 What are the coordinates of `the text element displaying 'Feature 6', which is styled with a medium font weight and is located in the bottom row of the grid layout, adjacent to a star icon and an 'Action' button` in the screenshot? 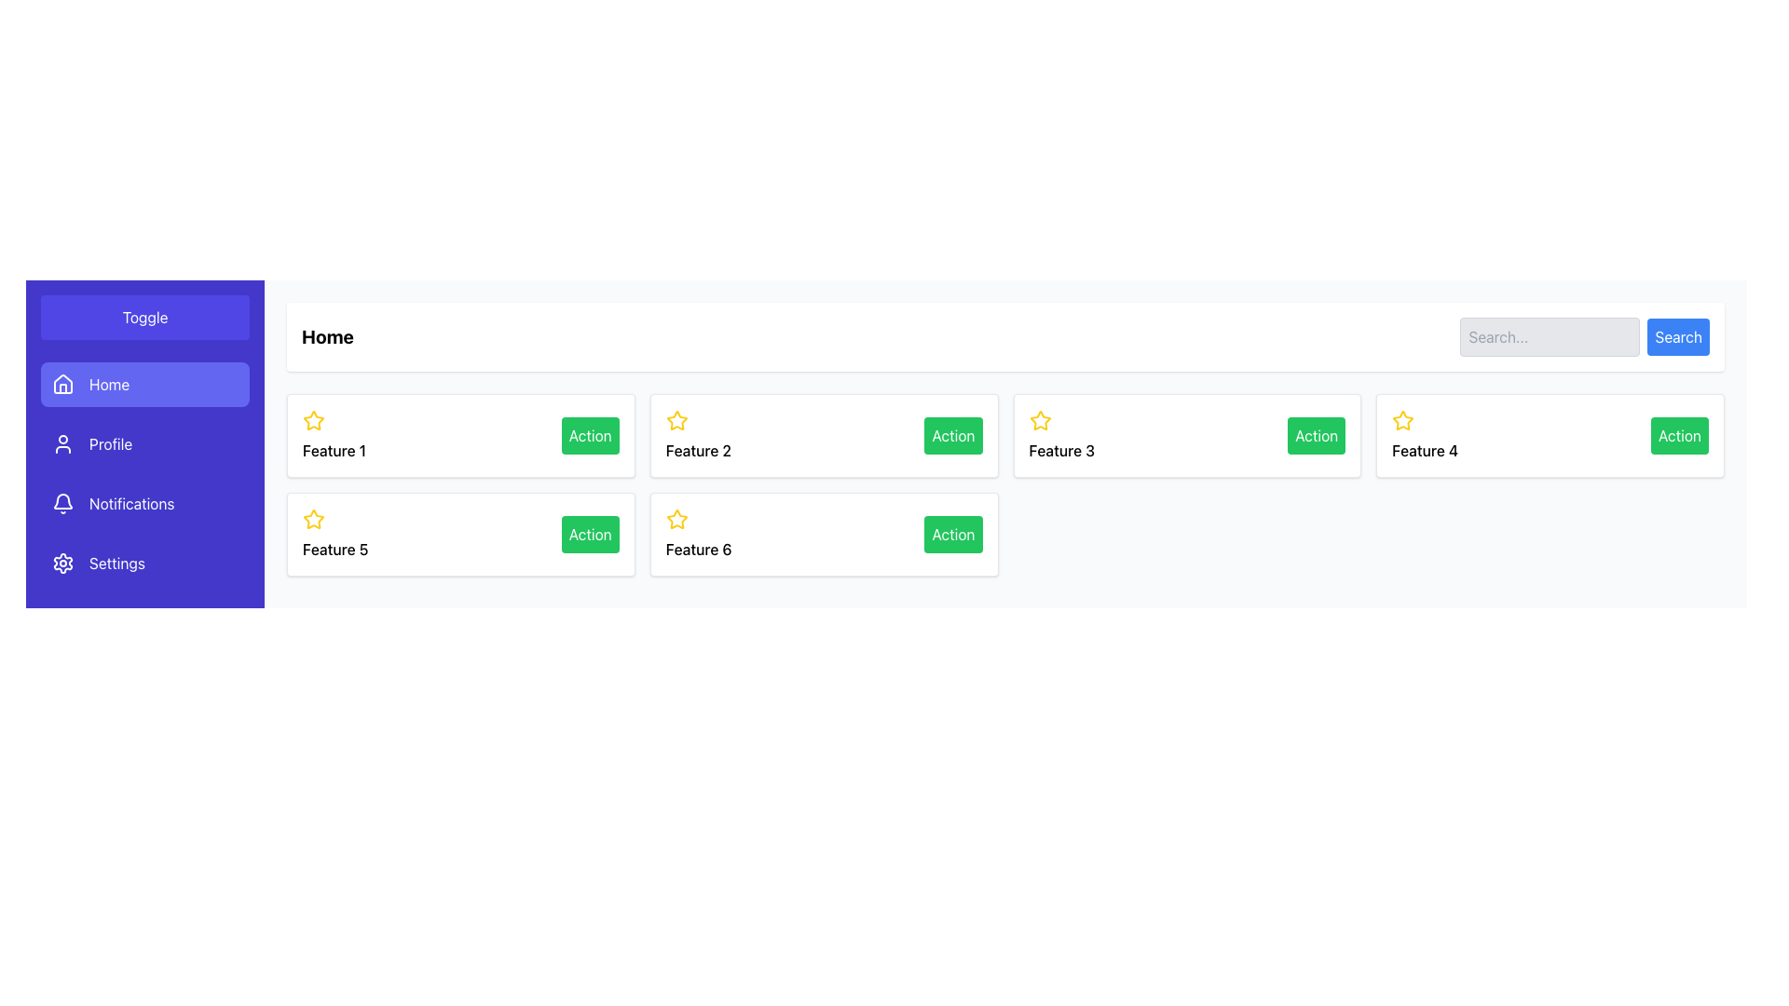 It's located at (698, 549).